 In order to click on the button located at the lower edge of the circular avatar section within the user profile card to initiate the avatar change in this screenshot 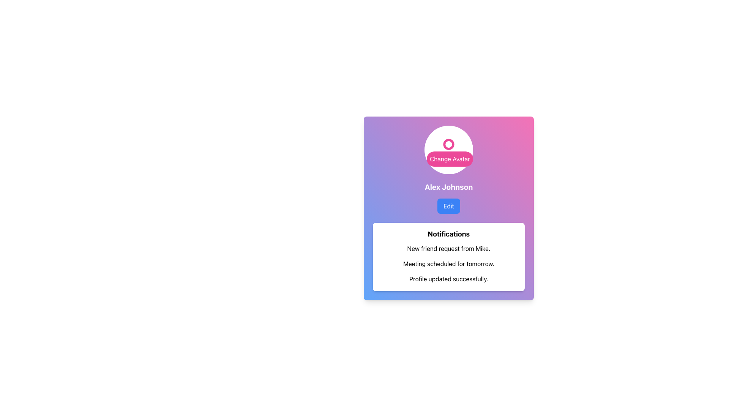, I will do `click(450, 159)`.